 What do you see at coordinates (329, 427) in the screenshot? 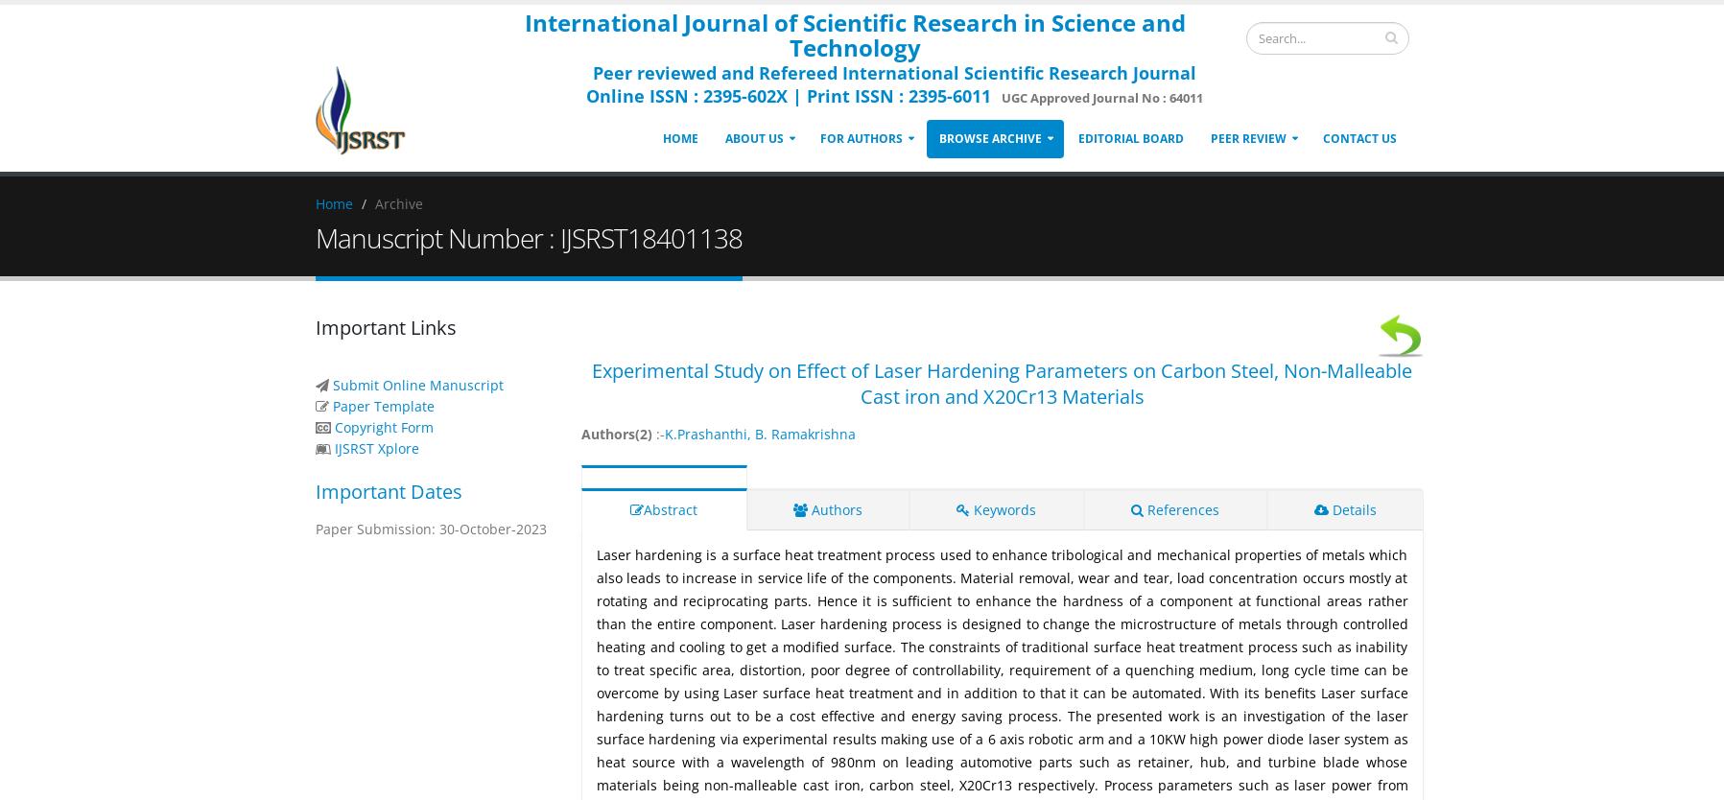
I see `'Copyright Form'` at bounding box center [329, 427].